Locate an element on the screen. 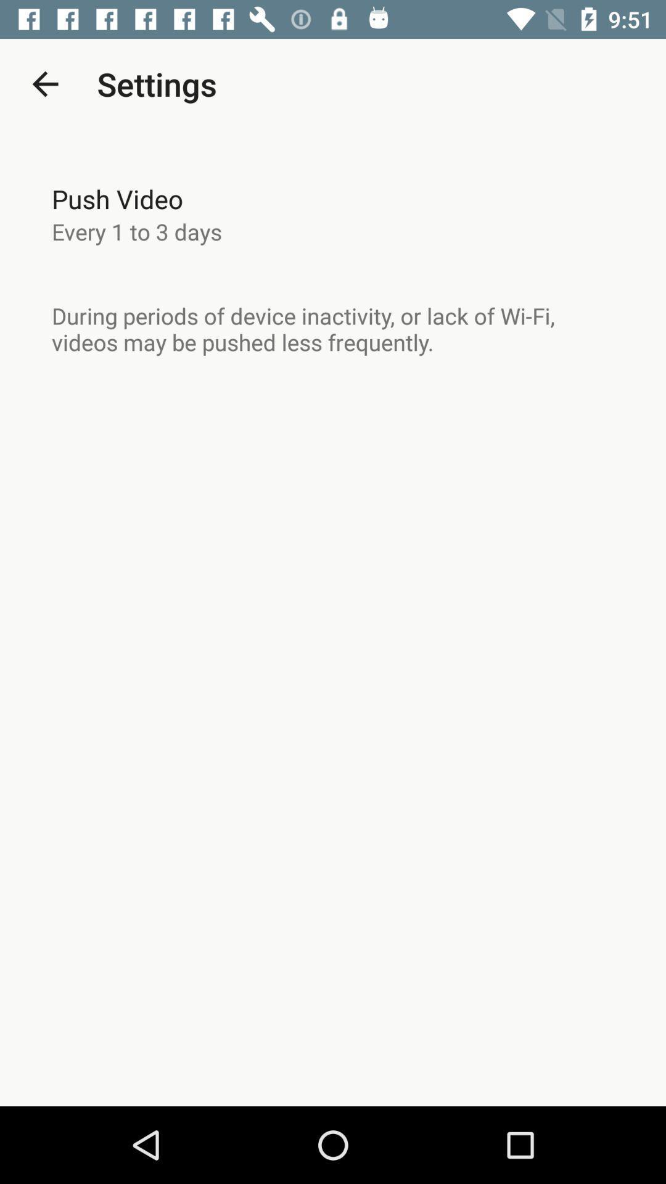  the item below every 1 to item is located at coordinates (333, 329).